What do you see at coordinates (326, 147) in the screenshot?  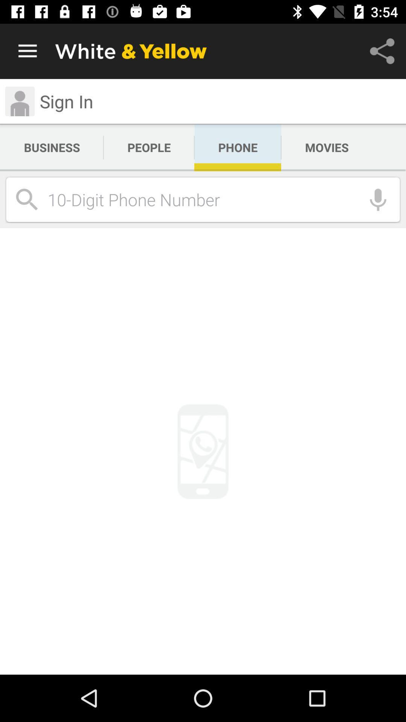 I see `icon next to phone` at bounding box center [326, 147].